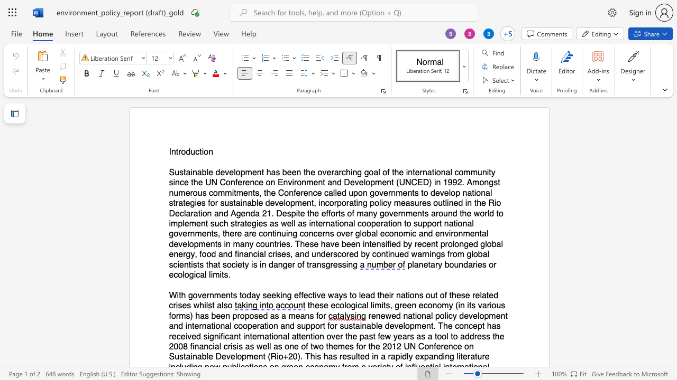 The height and width of the screenshot is (380, 677). What do you see at coordinates (452, 182) in the screenshot?
I see `the space between the continuous character "9" and "9" in the text` at bounding box center [452, 182].